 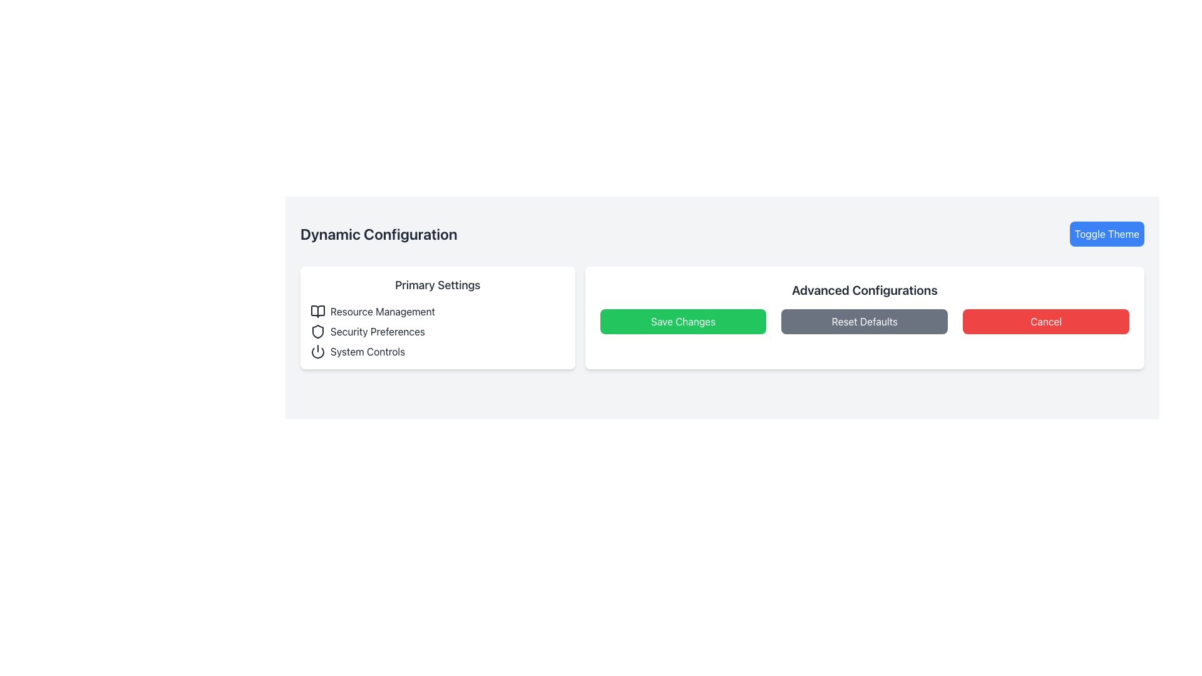 What do you see at coordinates (438, 352) in the screenshot?
I see `the button for accessing system control settings located in the third row under 'Primary Settings'` at bounding box center [438, 352].